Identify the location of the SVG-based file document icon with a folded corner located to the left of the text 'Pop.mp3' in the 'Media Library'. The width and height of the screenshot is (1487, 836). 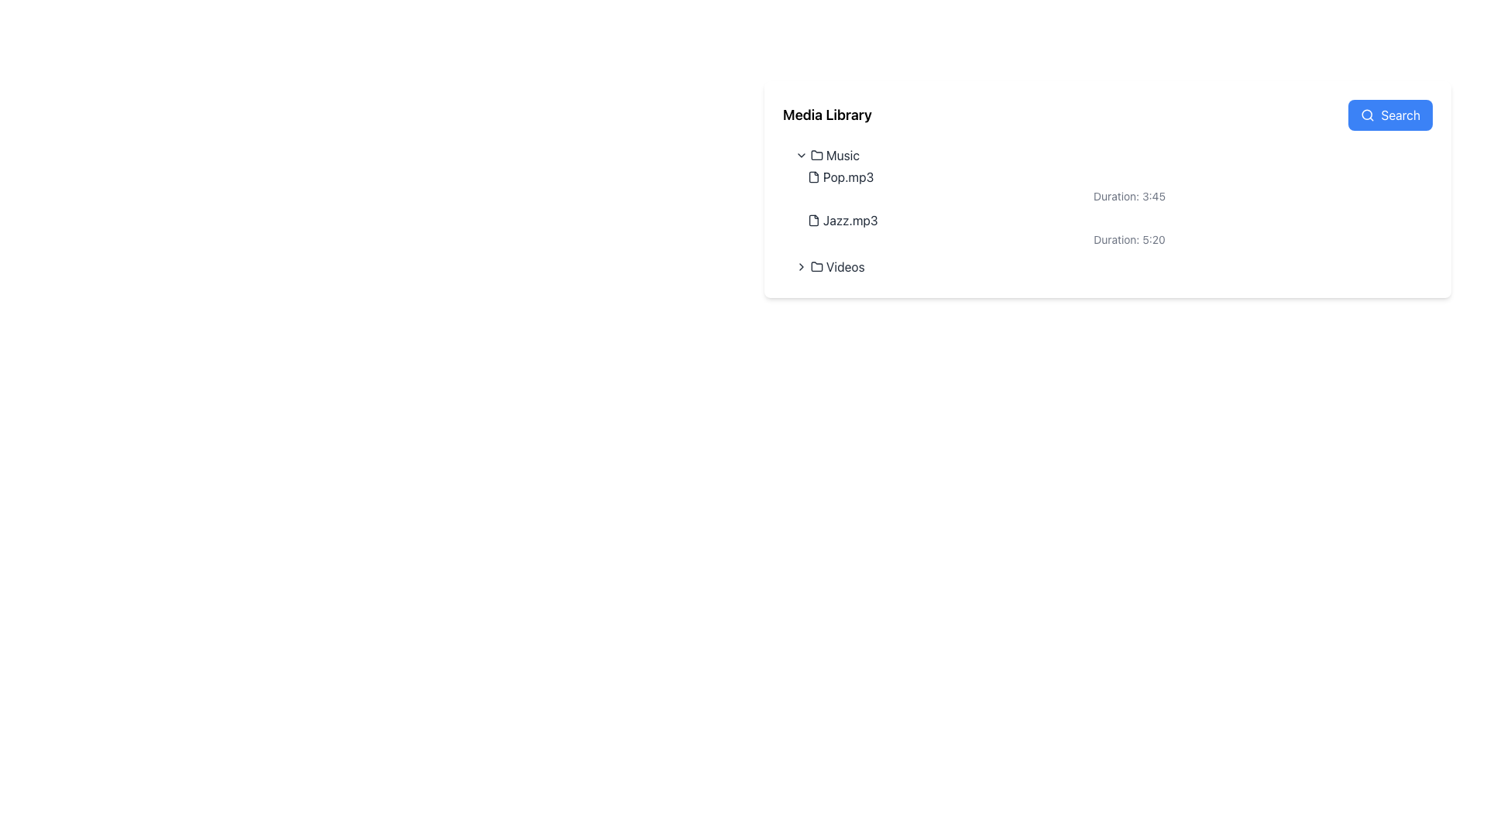
(813, 176).